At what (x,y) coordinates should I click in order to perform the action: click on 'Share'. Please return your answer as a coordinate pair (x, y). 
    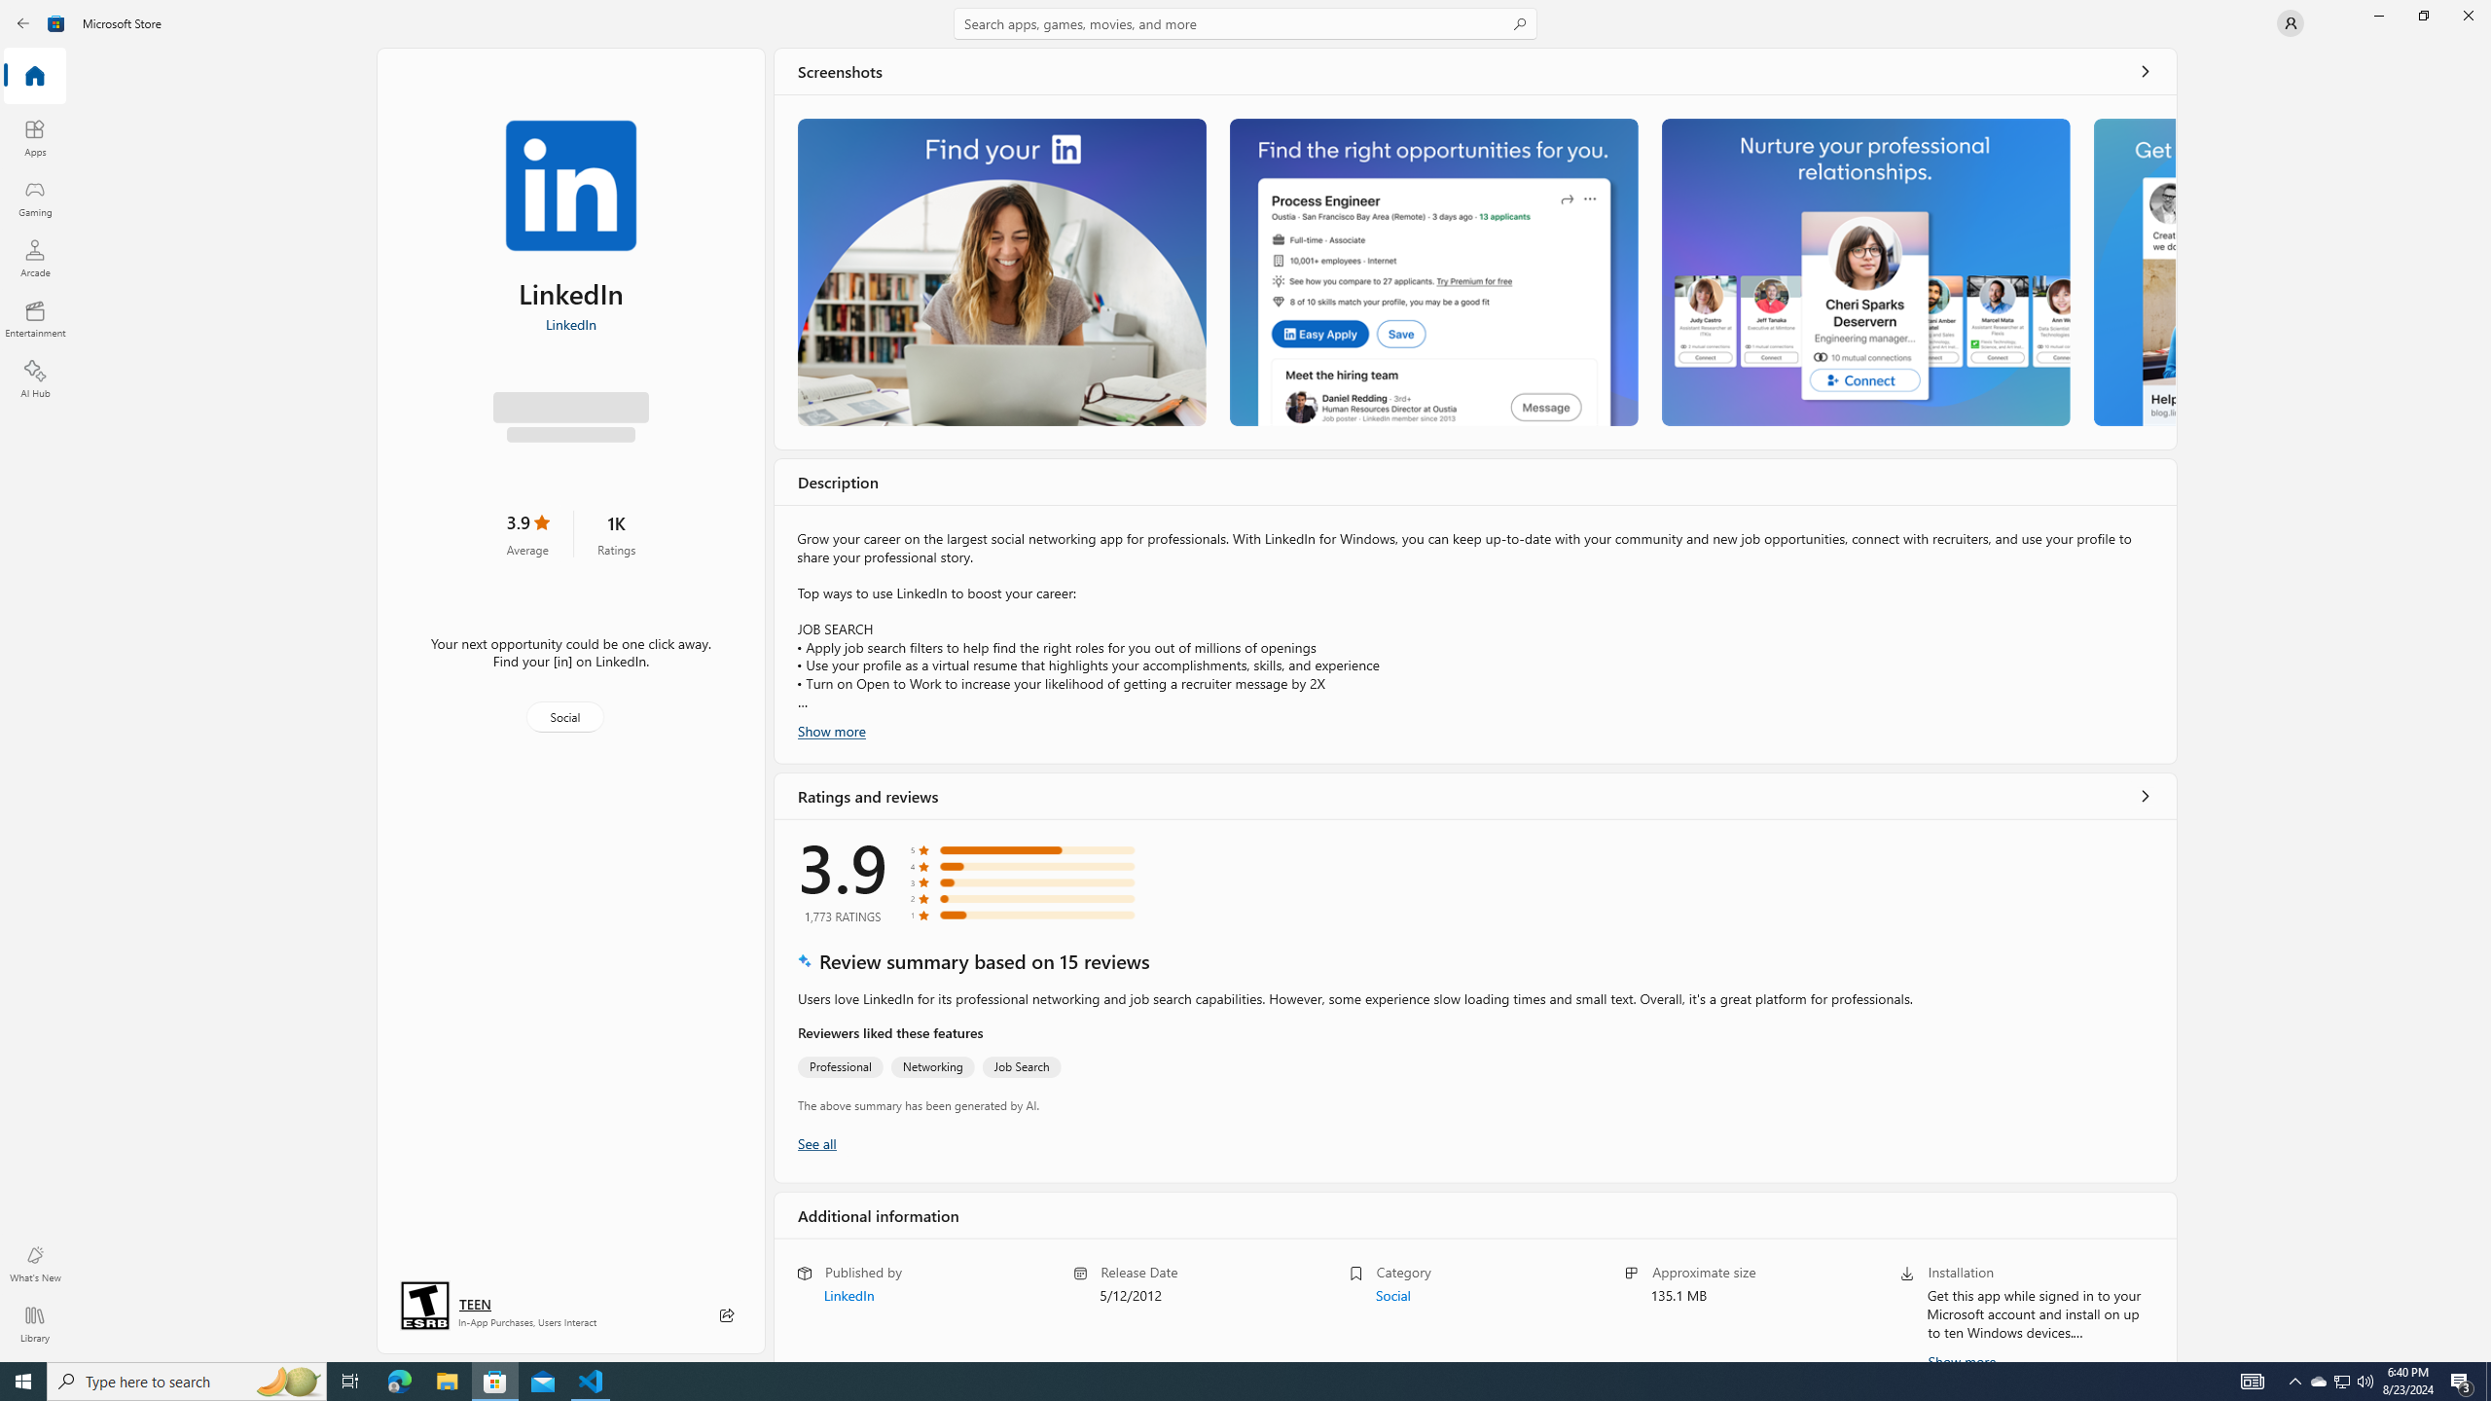
    Looking at the image, I should click on (726, 1314).